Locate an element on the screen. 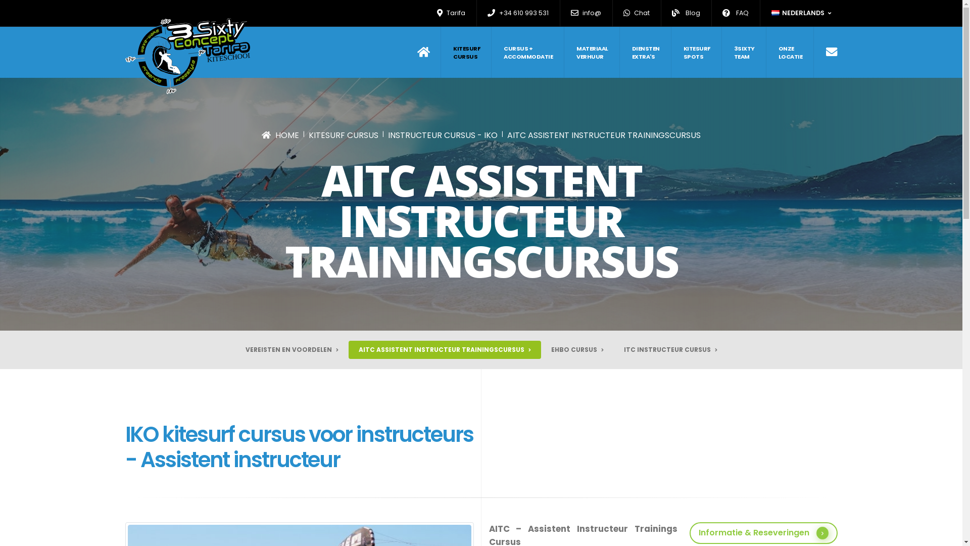  'ITC INSTRUCTEUR CURSUS' is located at coordinates (670, 349).